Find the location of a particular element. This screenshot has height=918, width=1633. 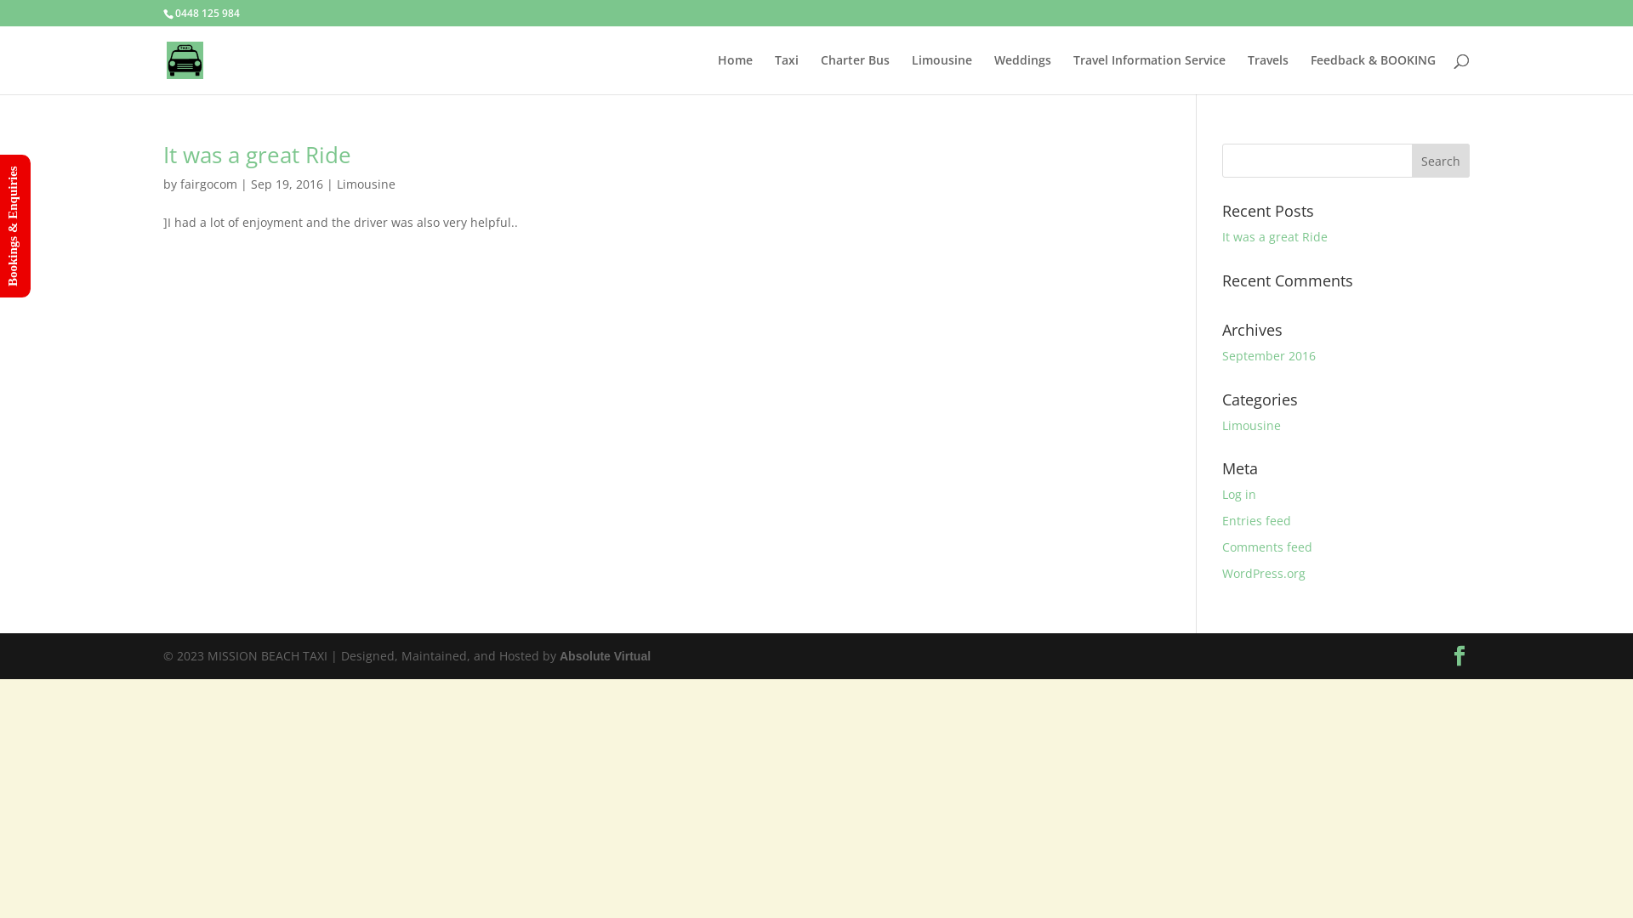

'Charter Bus' is located at coordinates (820, 73).